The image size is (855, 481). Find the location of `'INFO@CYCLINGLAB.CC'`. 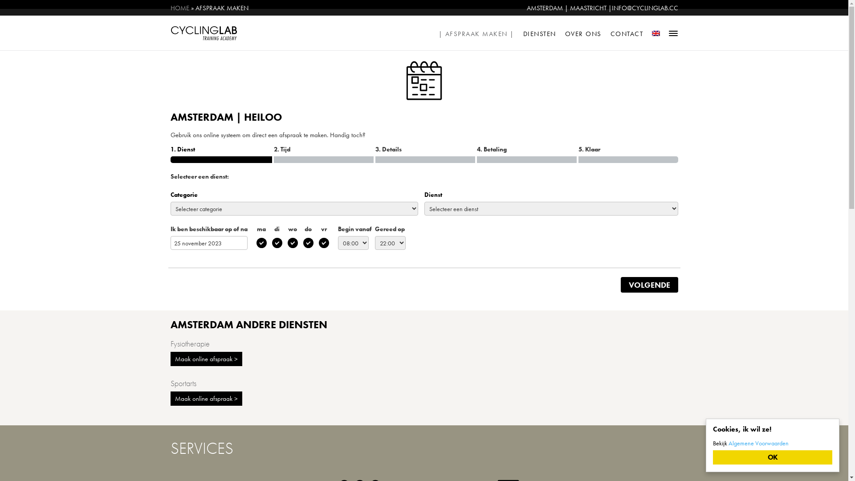

'INFO@CYCLINGLAB.CC' is located at coordinates (611, 8).